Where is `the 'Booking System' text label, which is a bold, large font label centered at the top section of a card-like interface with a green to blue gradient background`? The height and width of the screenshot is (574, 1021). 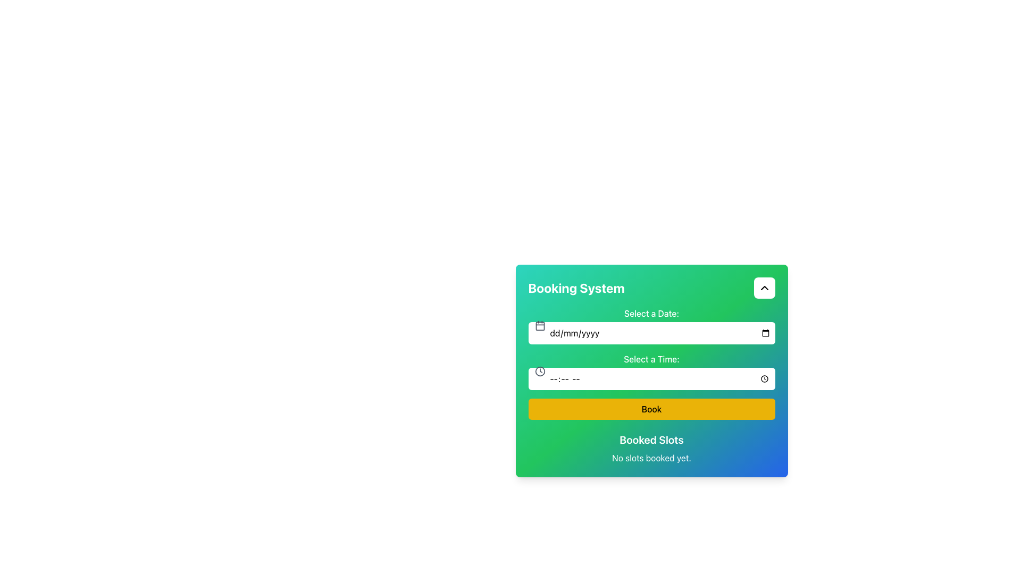
the 'Booking System' text label, which is a bold, large font label centered at the top section of a card-like interface with a green to blue gradient background is located at coordinates (576, 288).